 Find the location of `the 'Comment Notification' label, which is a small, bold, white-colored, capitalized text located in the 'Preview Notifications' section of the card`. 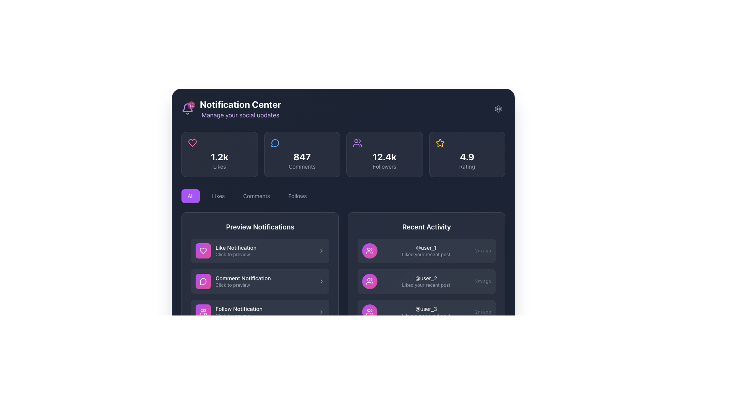

the 'Comment Notification' label, which is a small, bold, white-colored, capitalized text located in the 'Preview Notifications' section of the card is located at coordinates (265, 278).